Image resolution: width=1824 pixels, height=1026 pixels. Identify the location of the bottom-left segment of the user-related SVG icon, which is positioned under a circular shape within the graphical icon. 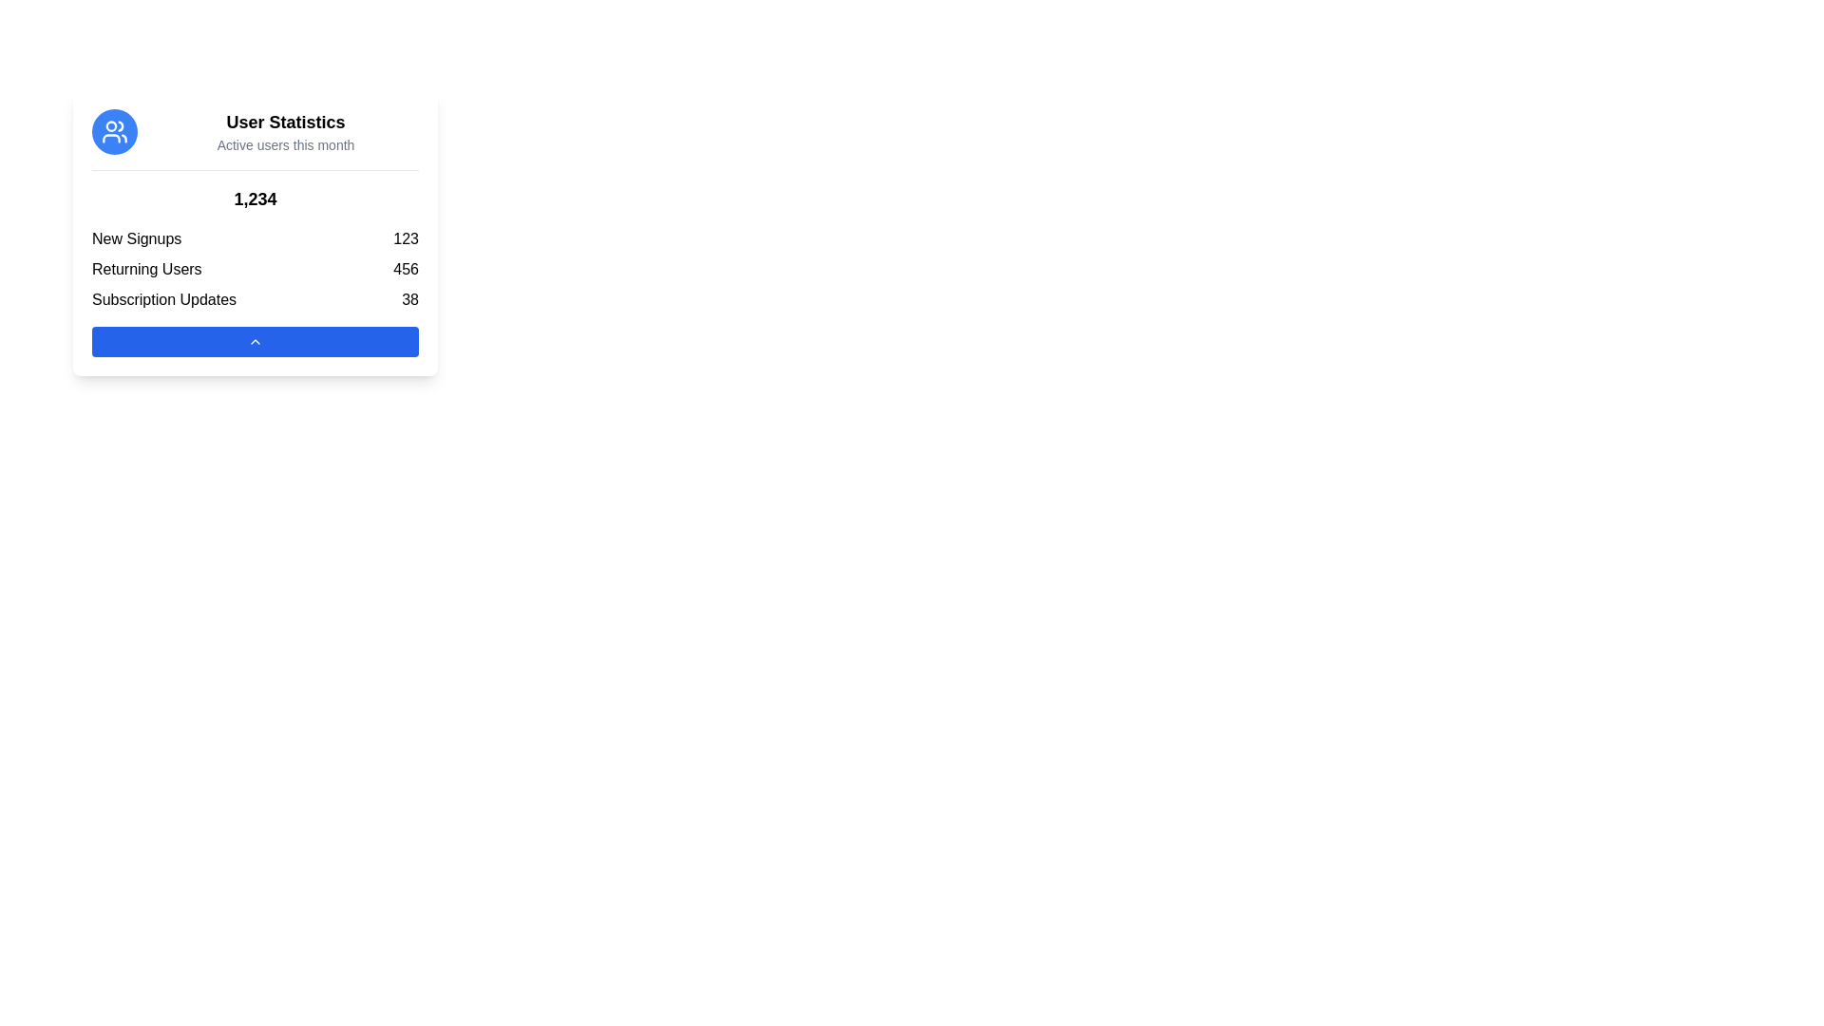
(110, 138).